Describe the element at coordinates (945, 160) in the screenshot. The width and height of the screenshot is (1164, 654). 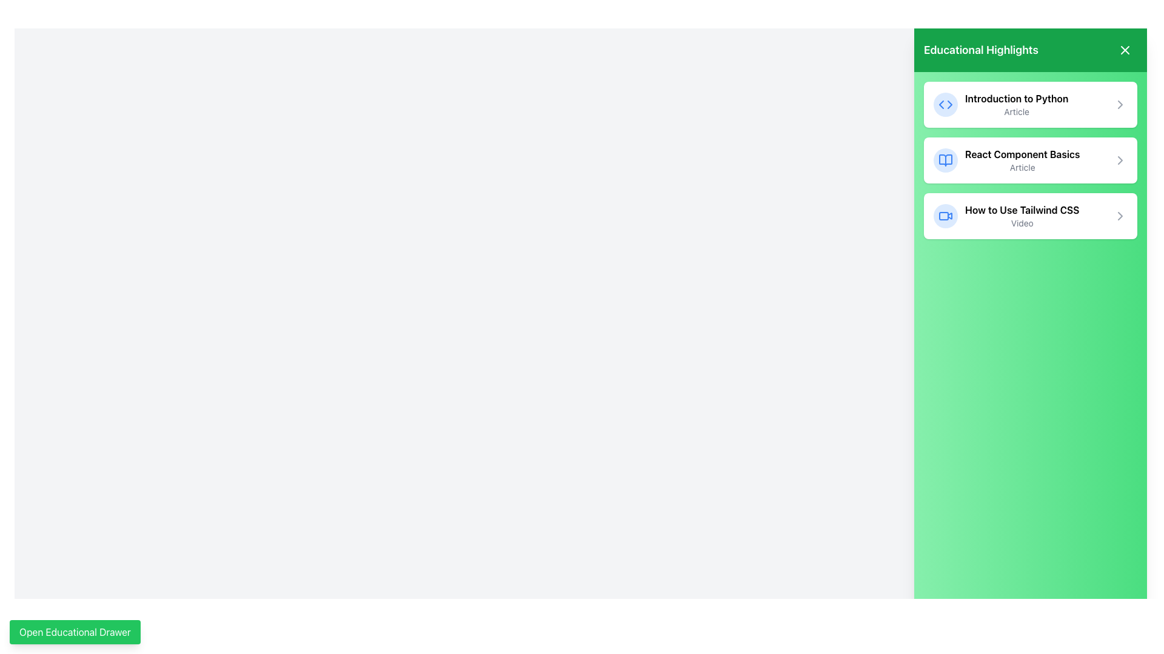
I see `the bottom part of the open book icon in the Educational Highlights section, which represents the 'React Component Basics' entry` at that location.